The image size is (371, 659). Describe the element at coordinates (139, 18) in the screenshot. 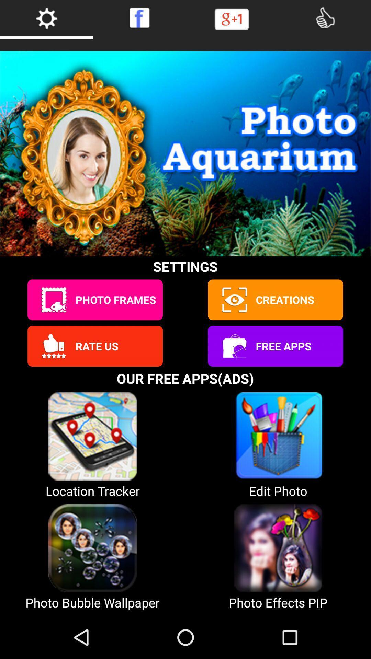

I see `facebook` at that location.